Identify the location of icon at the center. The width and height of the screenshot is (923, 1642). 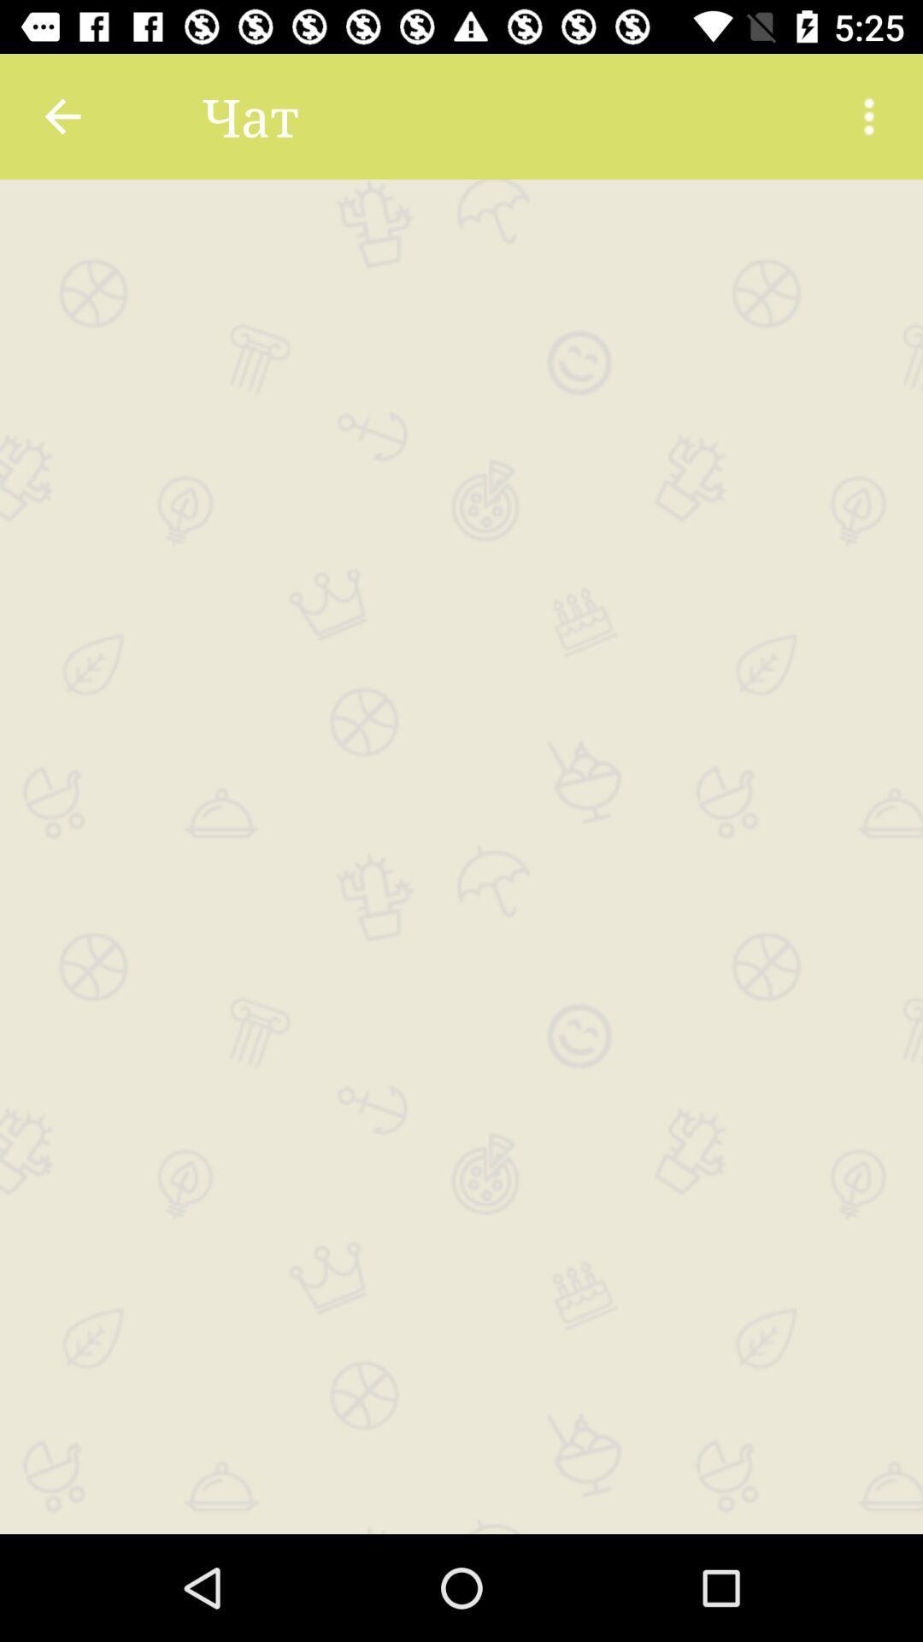
(461, 857).